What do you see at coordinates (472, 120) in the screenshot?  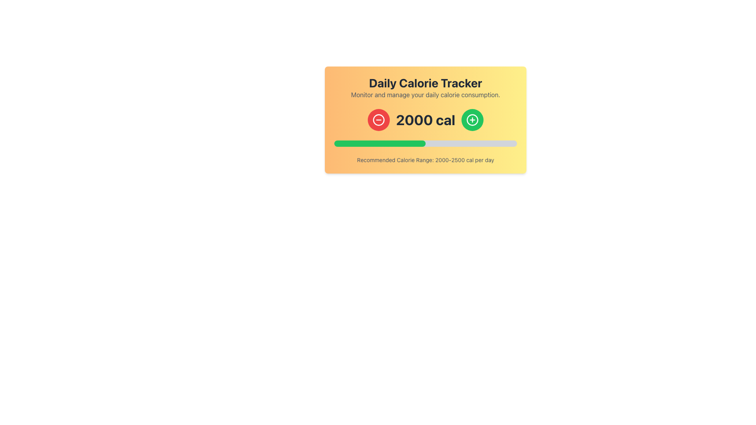 I see `the second circular icon from the left in the calorie tracker interface, which is positioned` at bounding box center [472, 120].